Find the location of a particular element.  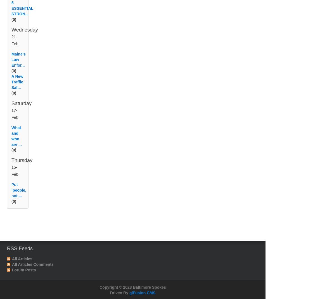

'Maine’s Law Enfor...' is located at coordinates (18, 66).